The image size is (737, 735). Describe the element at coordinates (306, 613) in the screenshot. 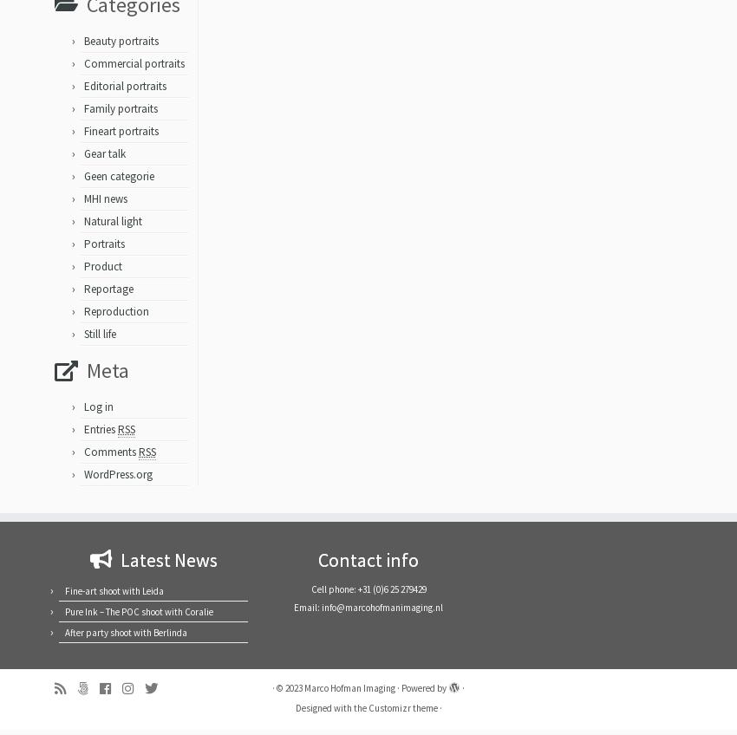

I see `'Email:'` at that location.